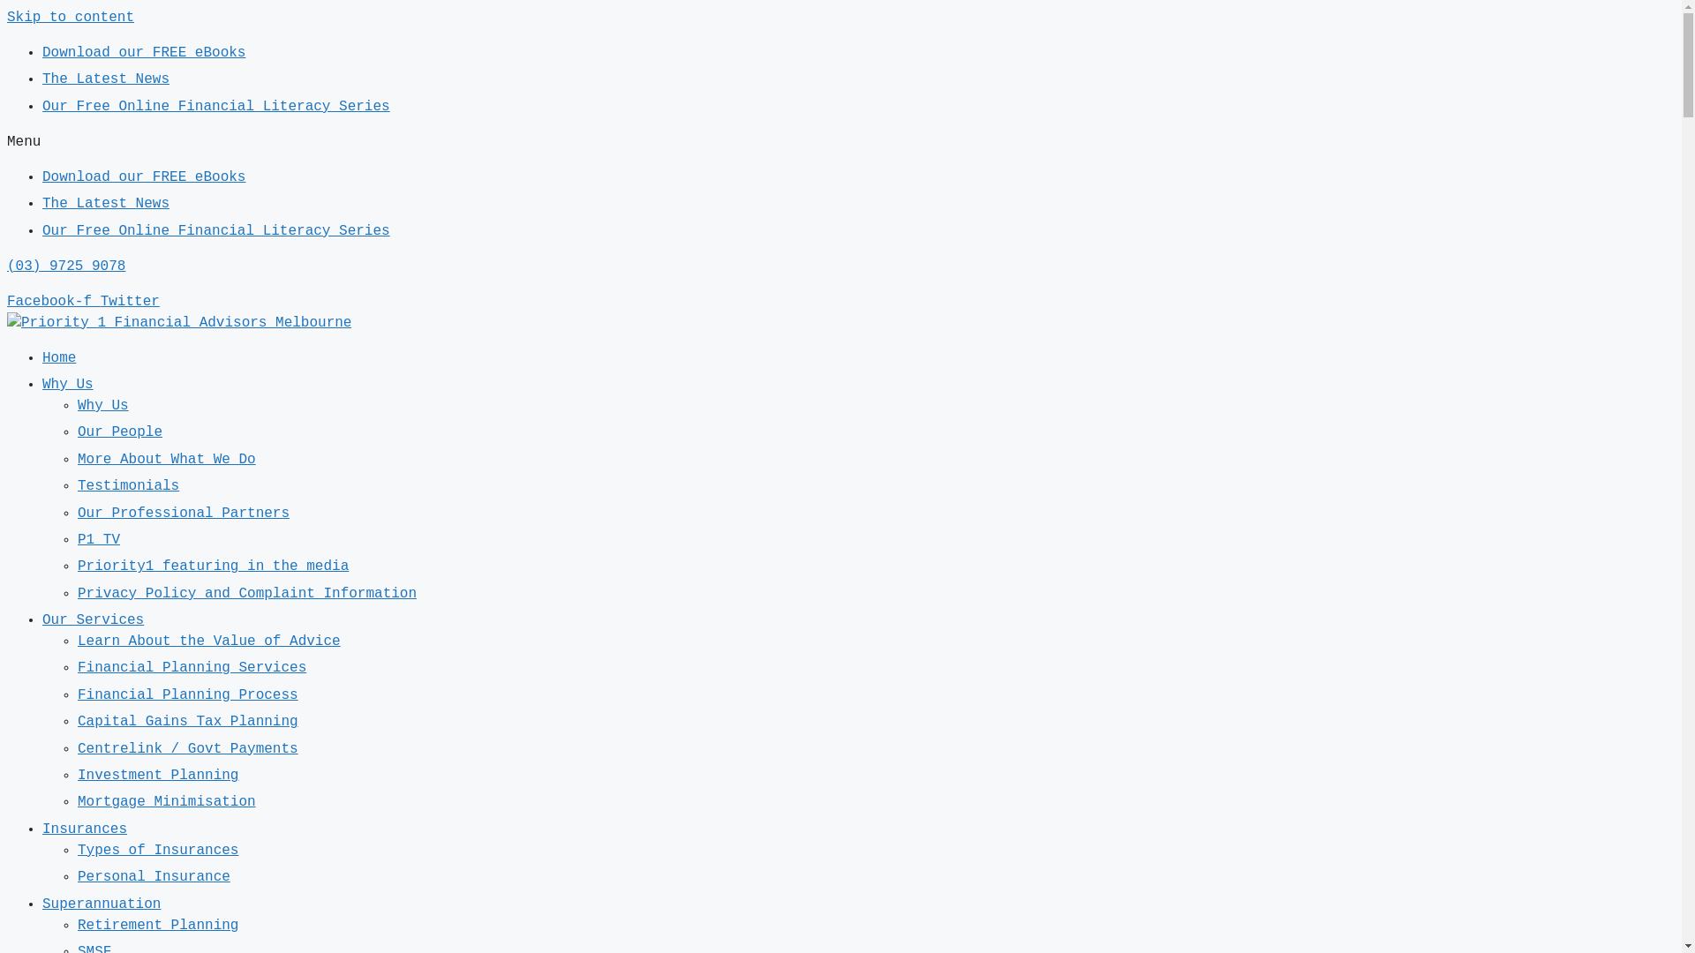  Describe the element at coordinates (54, 301) in the screenshot. I see `'Facebook-f'` at that location.